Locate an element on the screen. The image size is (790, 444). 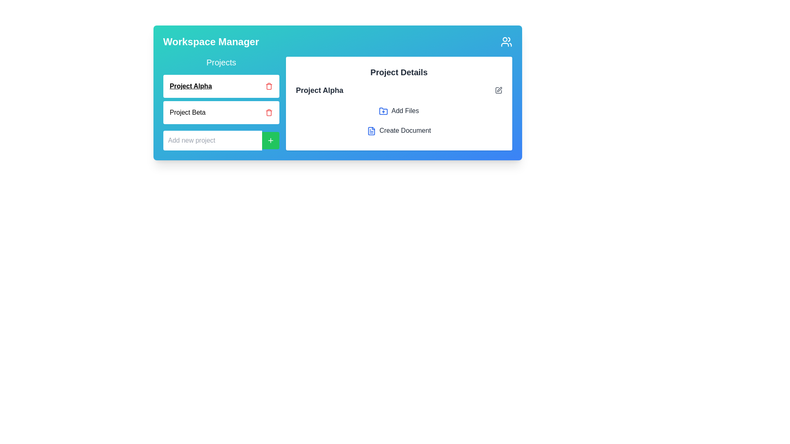
the 'Projects' text label, which is displayed in a medium-weight, extra-large font on a vibrant teal background, located in the top-left segment of the interface, above the project titles is located at coordinates (221, 62).